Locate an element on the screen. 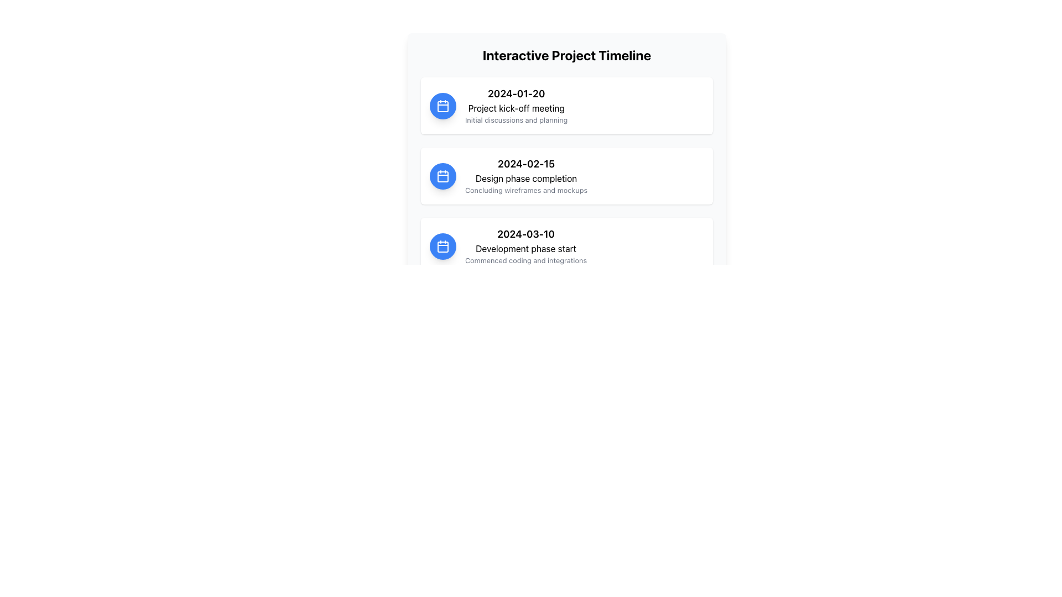 This screenshot has height=597, width=1062. the calendar icon with a rounded blue background, located to the left of the text '2024-01-20 Project kick-off meeting' in the first card under 'Interactive Project Timeline' is located at coordinates (443, 106).